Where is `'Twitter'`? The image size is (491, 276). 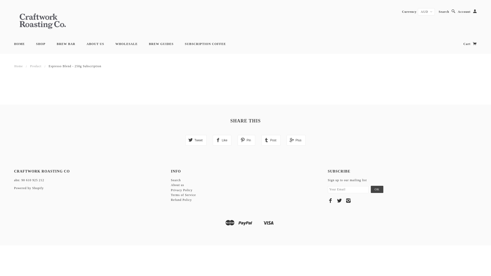 'Twitter' is located at coordinates (339, 200).